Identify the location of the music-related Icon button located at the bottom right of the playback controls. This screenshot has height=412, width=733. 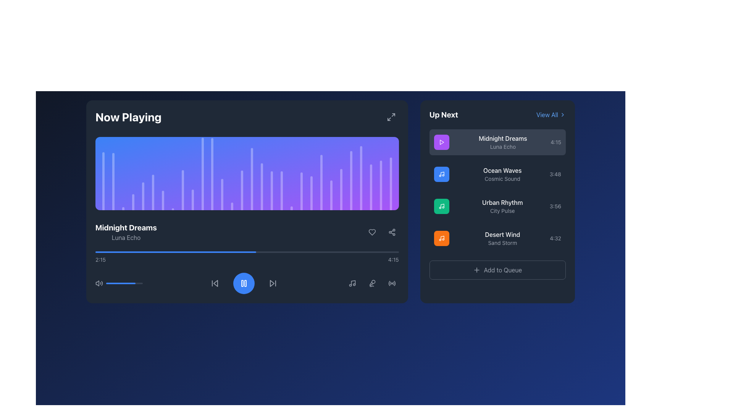
(352, 283).